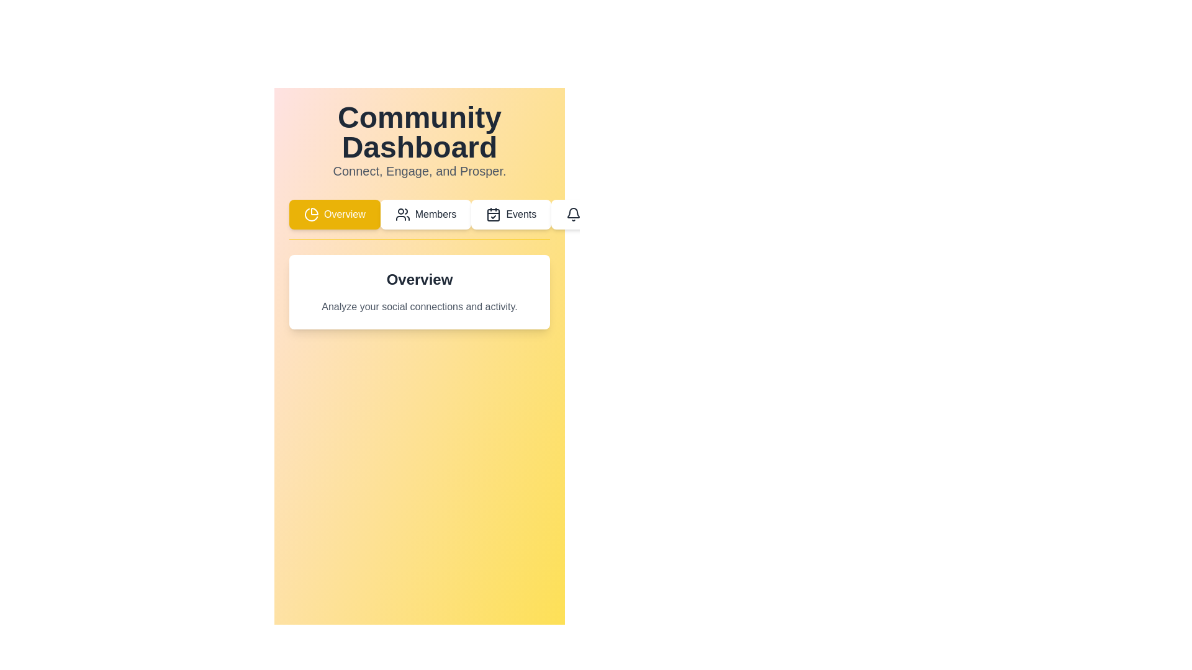  I want to click on the button labeled Overview, so click(334, 214).